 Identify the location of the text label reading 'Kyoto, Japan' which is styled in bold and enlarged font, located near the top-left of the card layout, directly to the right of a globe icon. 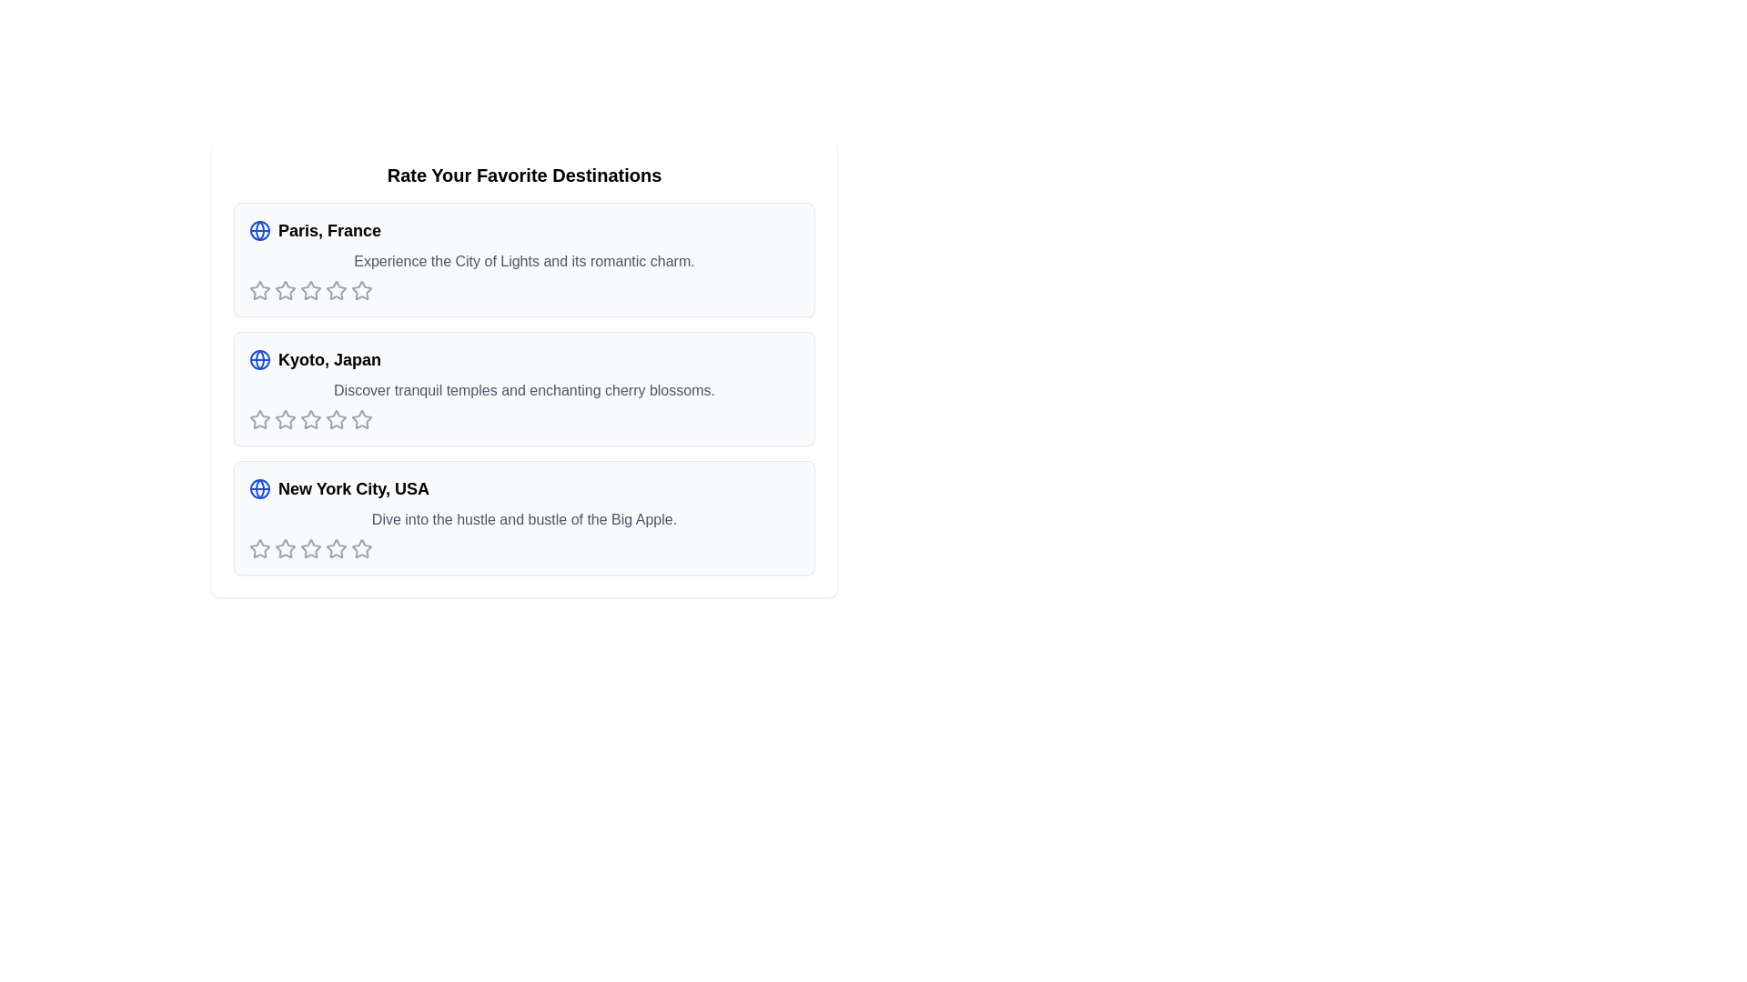
(329, 360).